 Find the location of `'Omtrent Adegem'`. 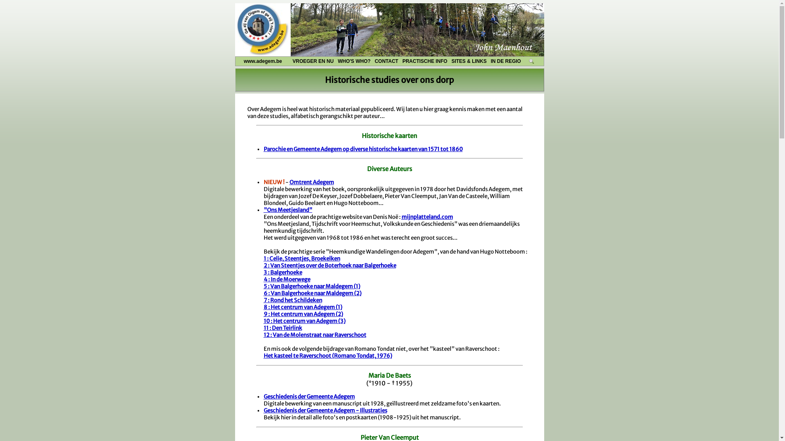

'Omtrent Adegem' is located at coordinates (311, 182).